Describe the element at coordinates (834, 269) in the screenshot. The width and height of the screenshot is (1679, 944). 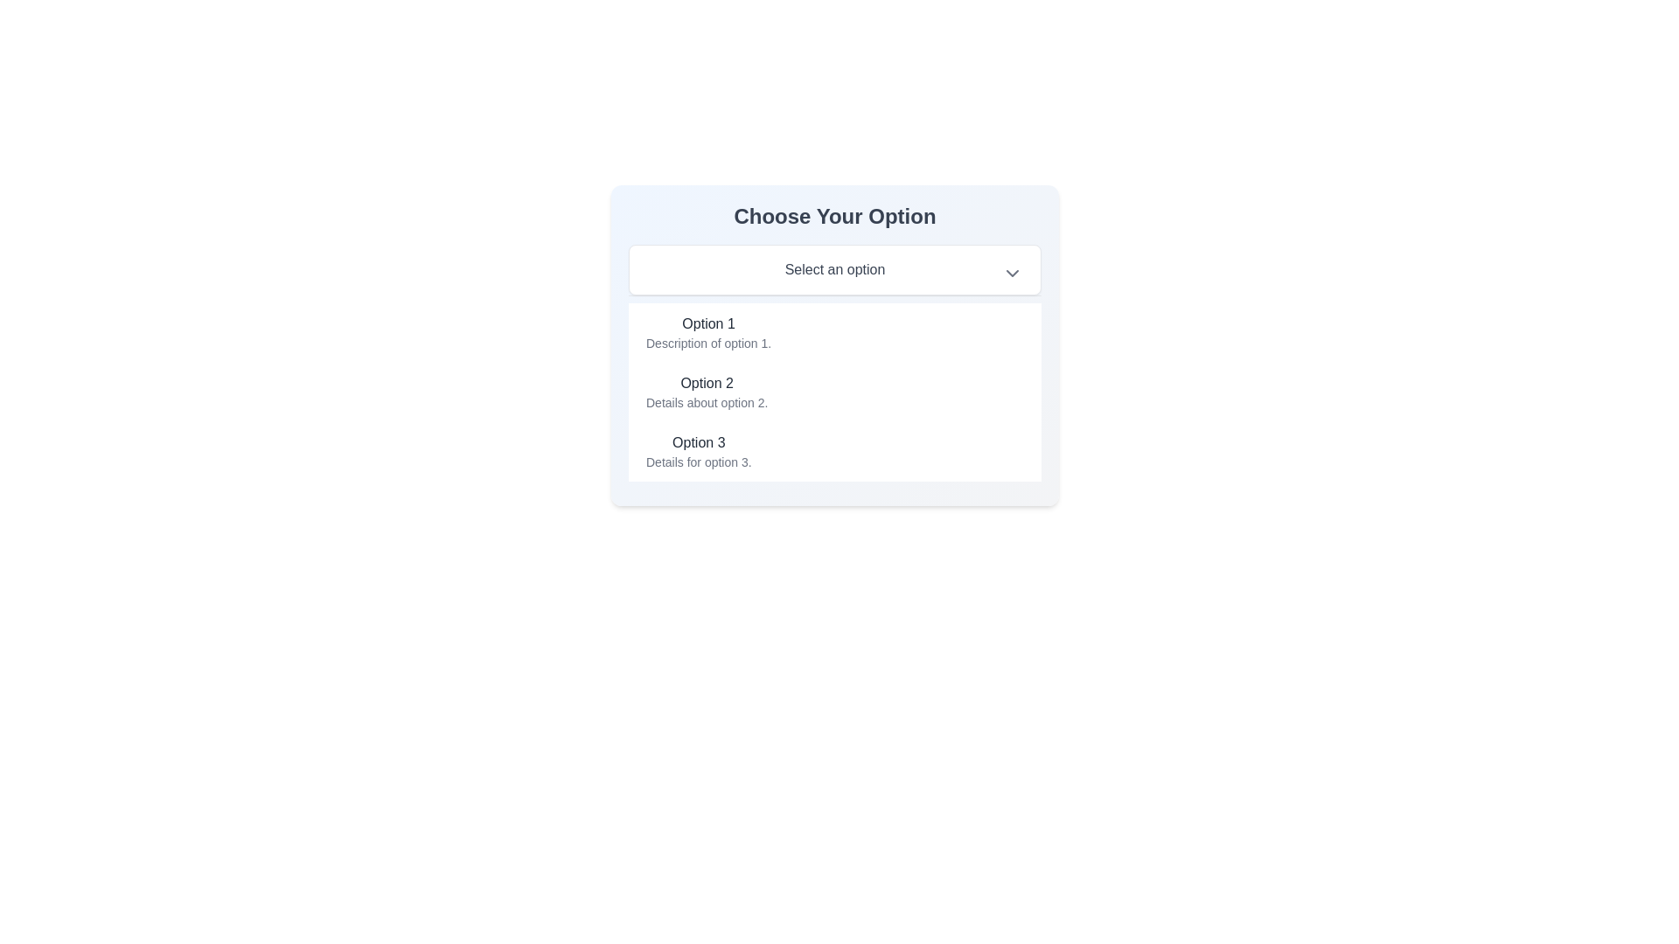
I see `the dropdown menu trigger which has a white background, curved corners, and contains the text 'Select an option' with a chevron icon on the right, positioned below the 'Choose Your Option' title` at that location.